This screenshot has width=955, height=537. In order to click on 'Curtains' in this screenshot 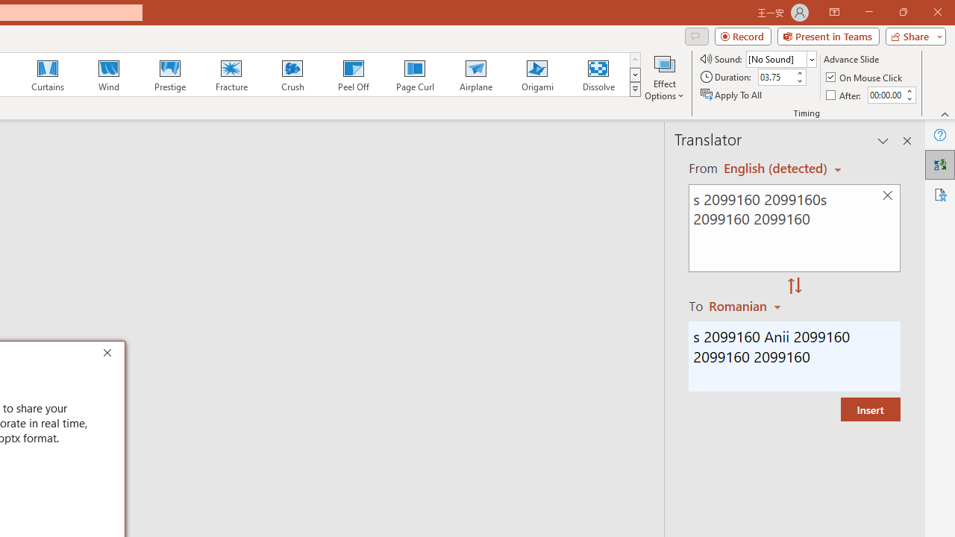, I will do `click(48, 75)`.